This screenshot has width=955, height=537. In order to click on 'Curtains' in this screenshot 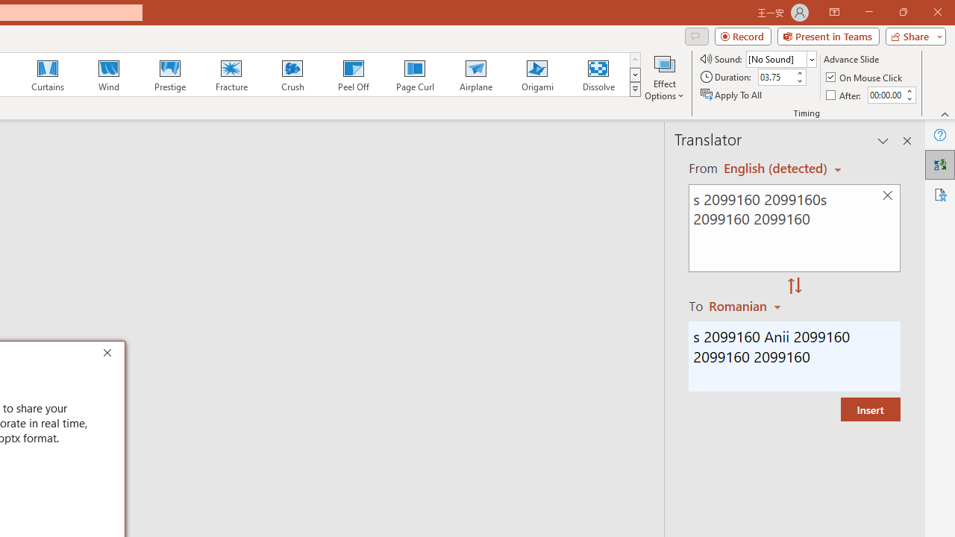, I will do `click(48, 75)`.